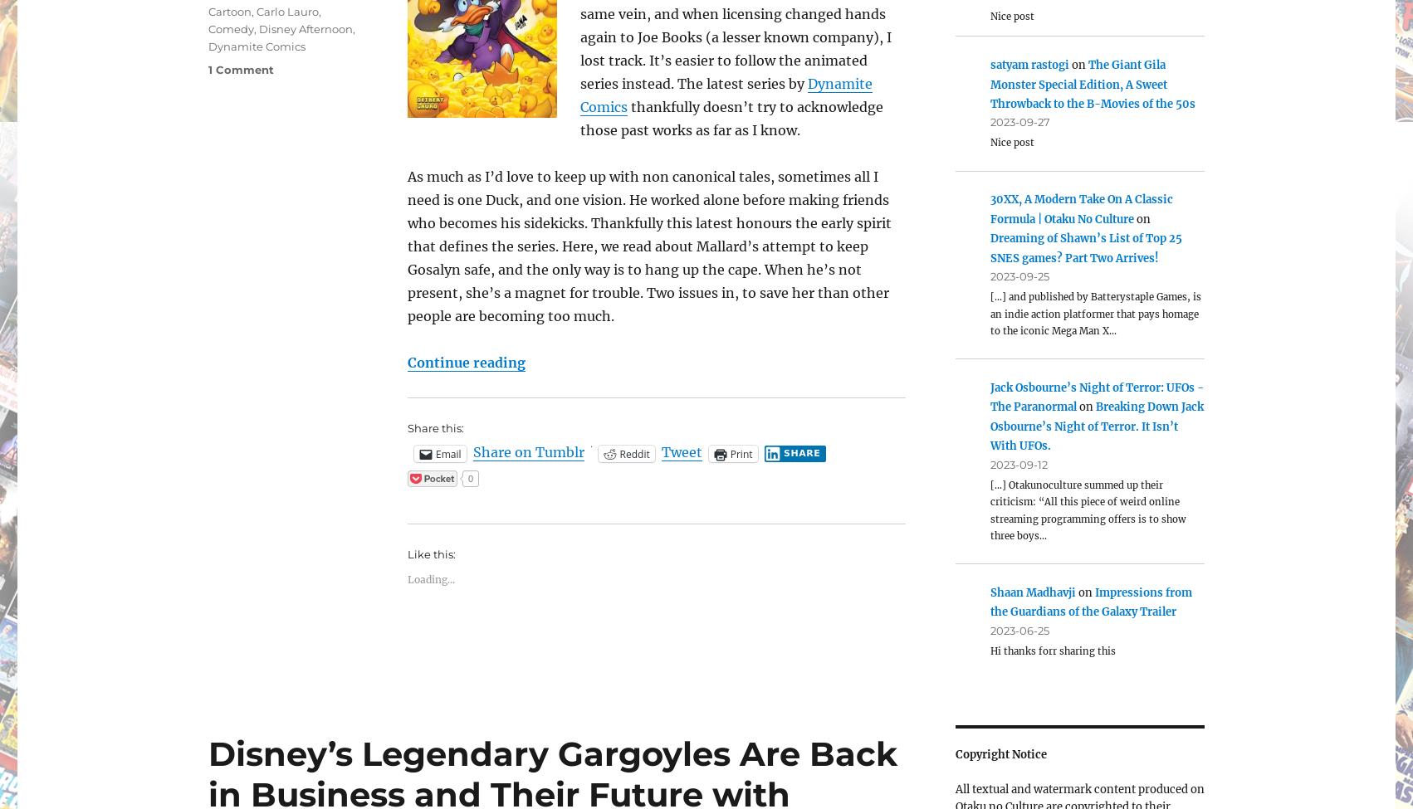 The width and height of the screenshot is (1413, 809). What do you see at coordinates (1088, 510) in the screenshot?
I see `'[…] Otakunoculture summed up their criticism: “All this piece of weird online streaming programming offers is to show three boys…'` at bounding box center [1088, 510].